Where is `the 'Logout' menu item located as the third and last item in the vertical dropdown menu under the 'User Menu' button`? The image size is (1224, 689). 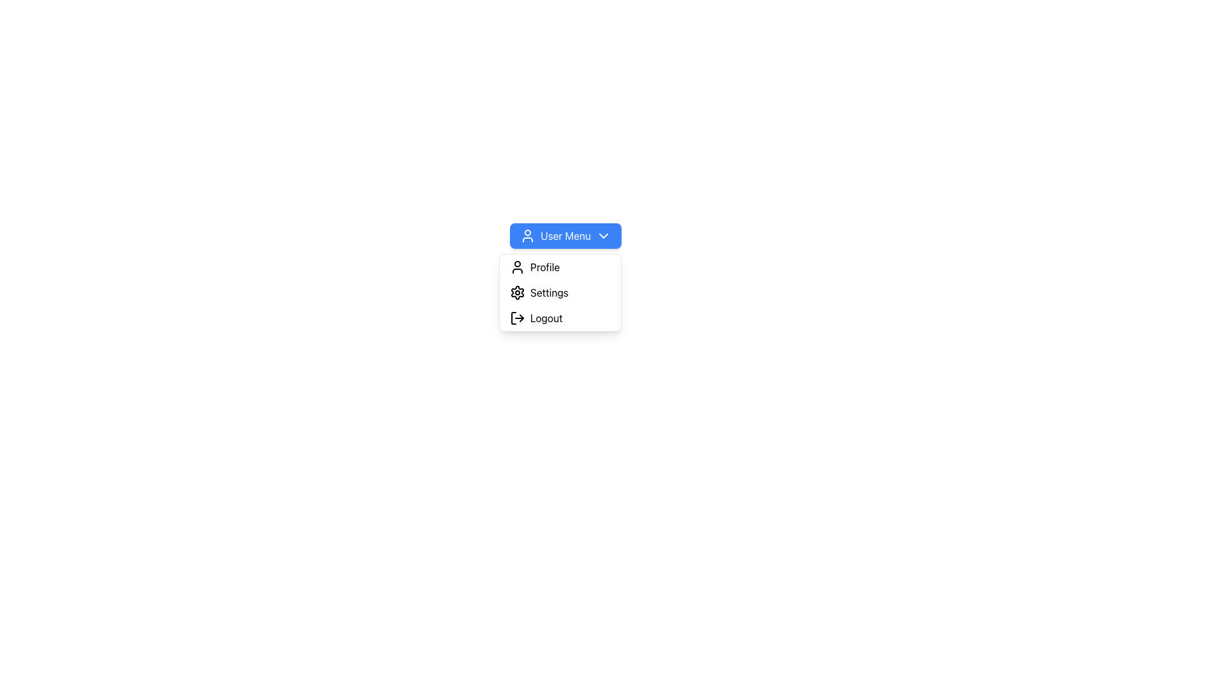
the 'Logout' menu item located as the third and last item in the vertical dropdown menu under the 'User Menu' button is located at coordinates (560, 317).